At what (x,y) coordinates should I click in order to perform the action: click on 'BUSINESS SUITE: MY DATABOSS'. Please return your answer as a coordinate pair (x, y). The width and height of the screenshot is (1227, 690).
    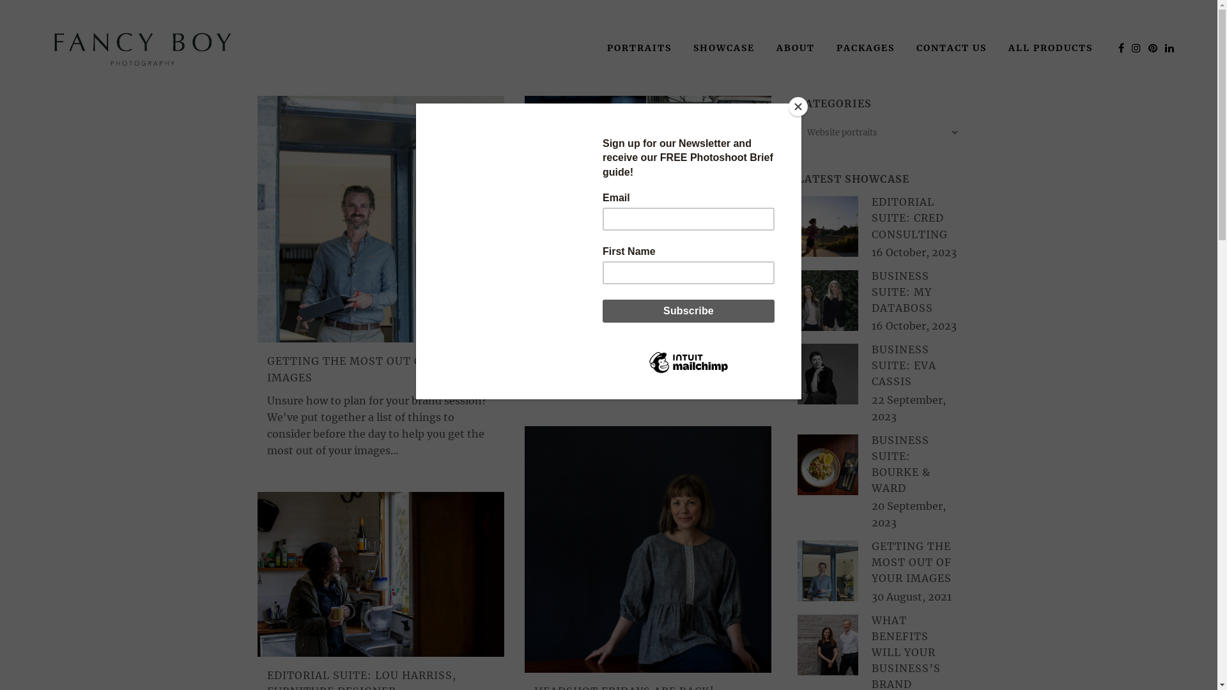
    Looking at the image, I should click on (901, 291).